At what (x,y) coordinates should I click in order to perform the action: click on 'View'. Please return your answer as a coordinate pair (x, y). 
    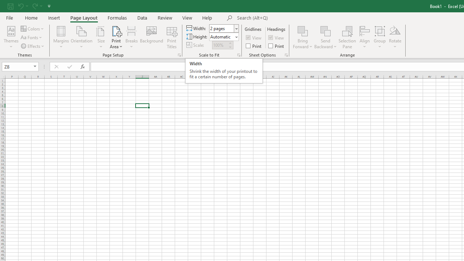
    Looking at the image, I should click on (187, 17).